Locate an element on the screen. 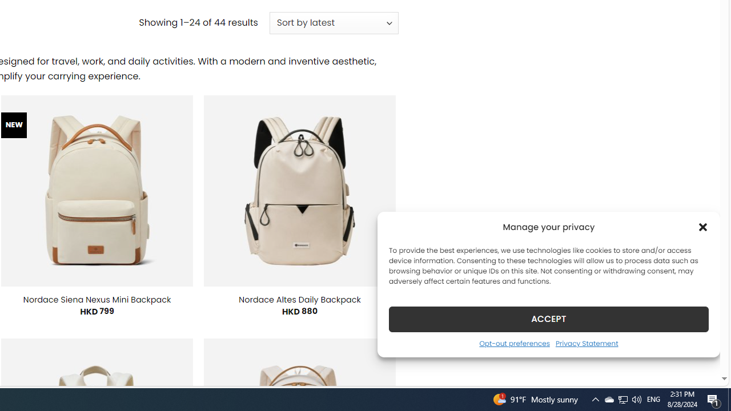 This screenshot has width=731, height=411. 'ACCEPT' is located at coordinates (549, 319).